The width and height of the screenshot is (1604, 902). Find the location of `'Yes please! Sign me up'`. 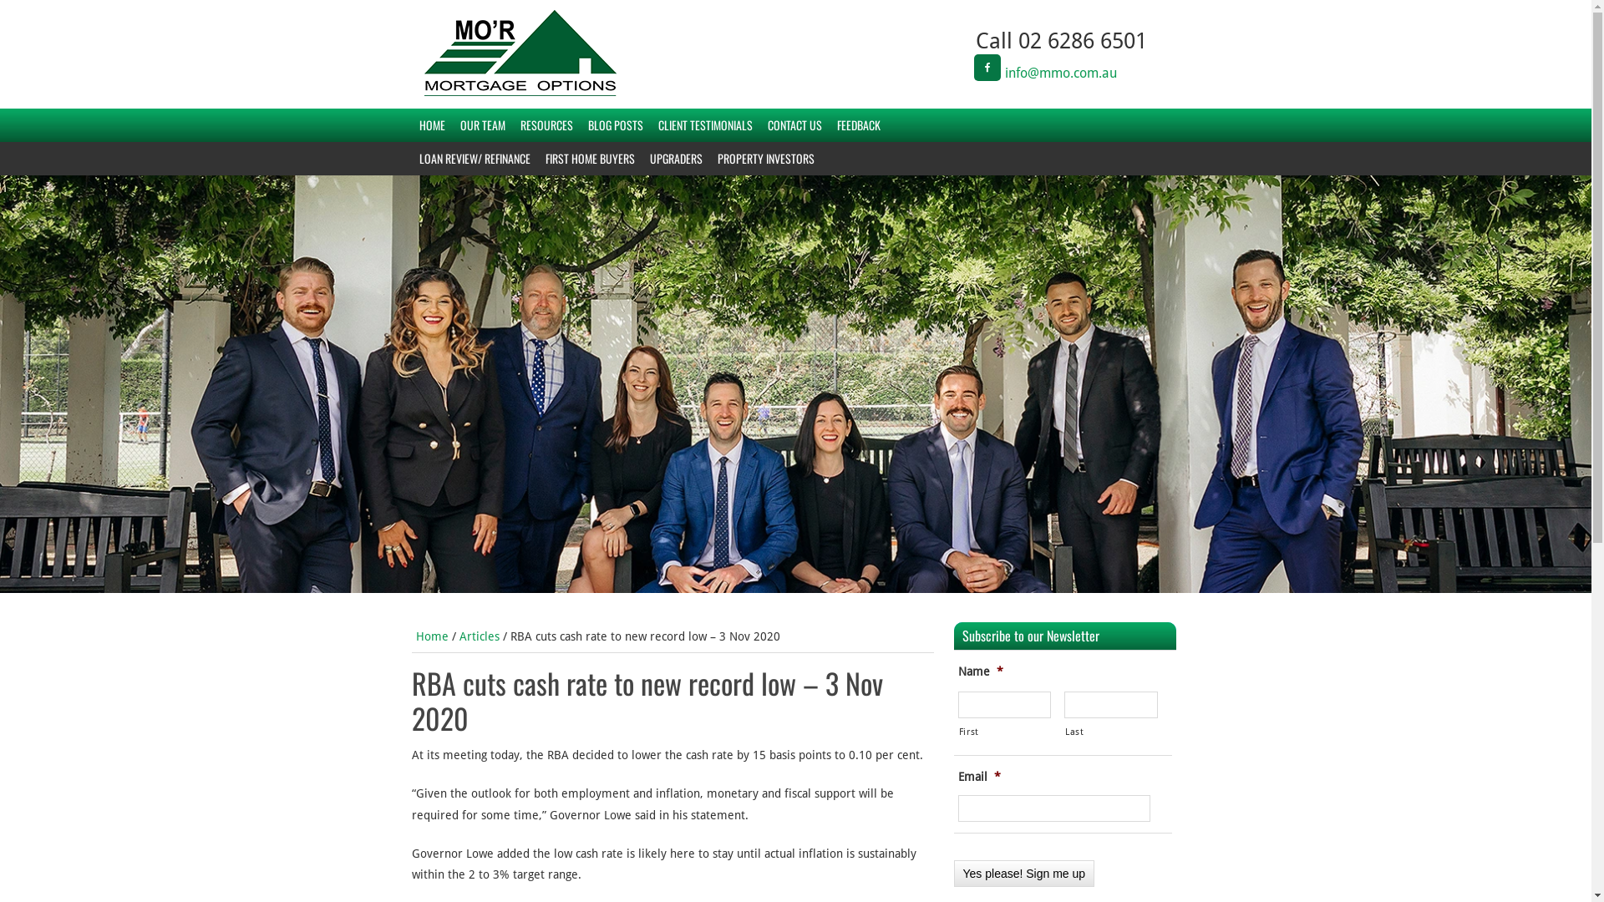

'Yes please! Sign me up' is located at coordinates (1023, 872).